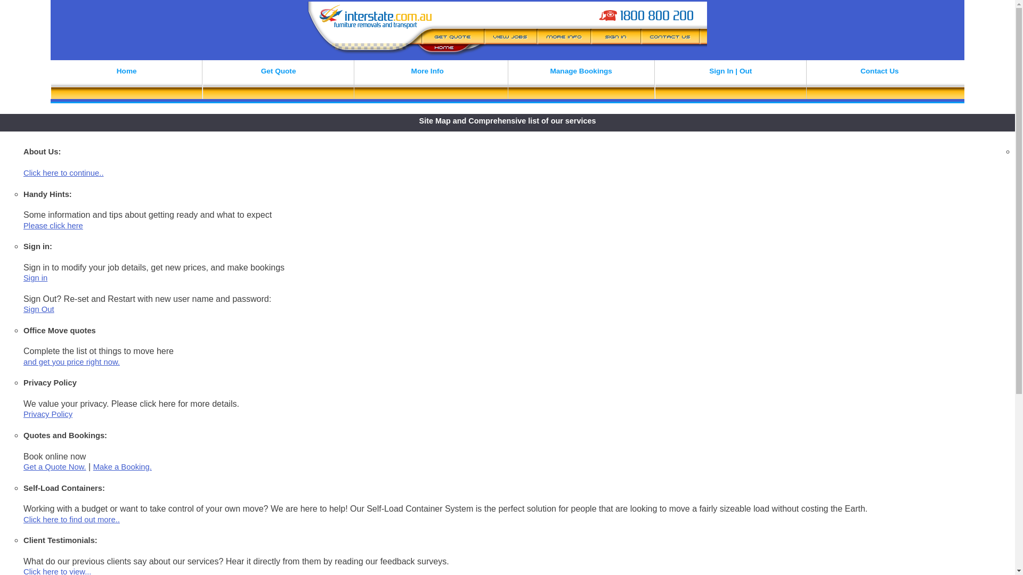 The width and height of the screenshot is (1023, 575). What do you see at coordinates (71, 361) in the screenshot?
I see `'and get you price right now.'` at bounding box center [71, 361].